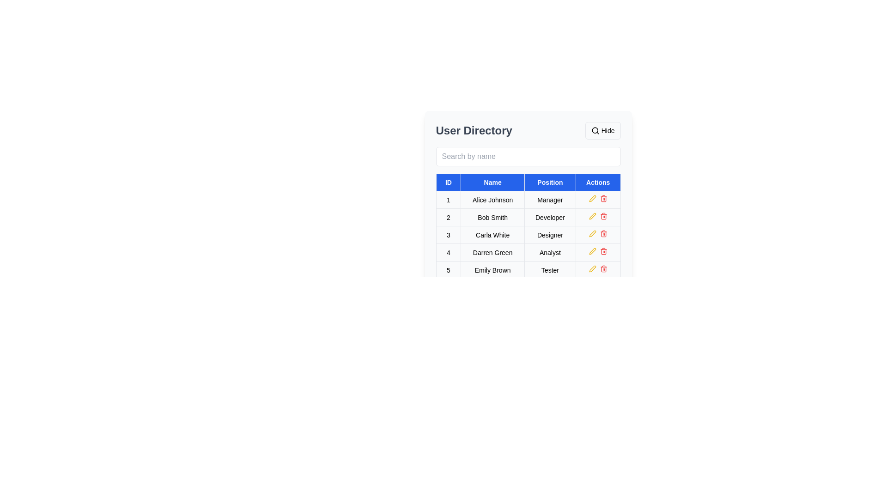 The image size is (887, 499). I want to click on the table cell containing the ID 'Bob Smith, Developer', located in the second row of the first column under the 'ID' header, so click(448, 217).